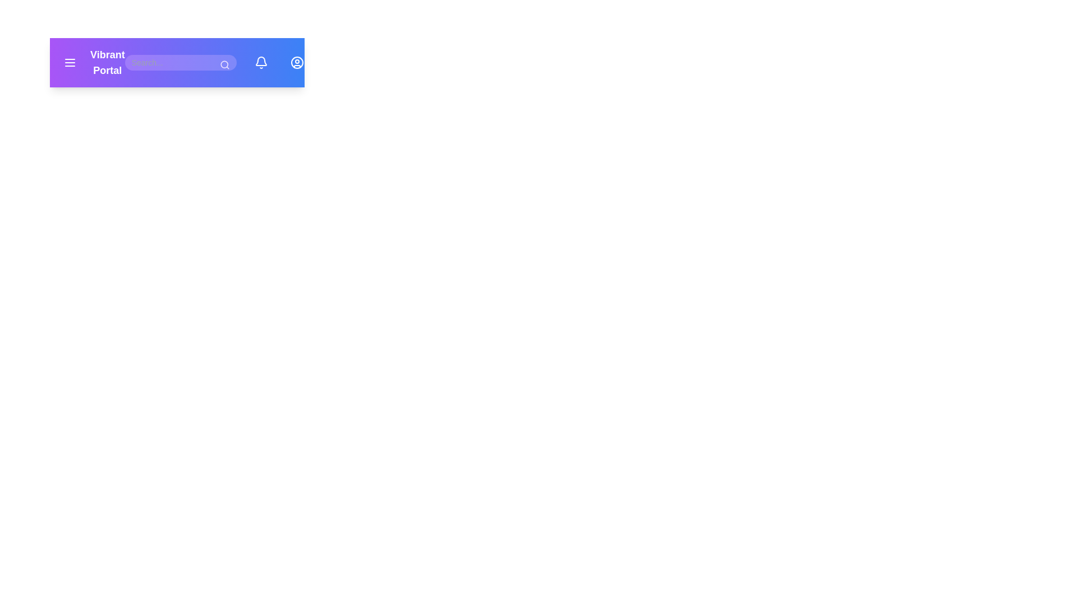 The height and width of the screenshot is (605, 1077). I want to click on the notification button to view notifications, so click(260, 62).